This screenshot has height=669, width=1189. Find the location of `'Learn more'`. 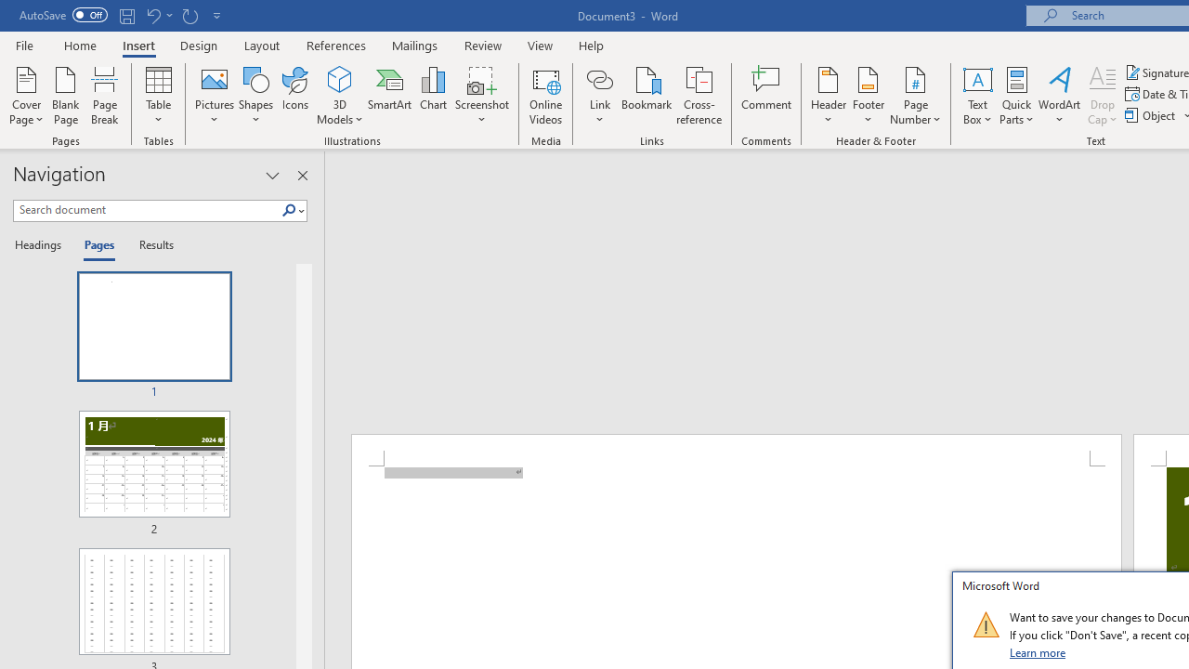

'Learn more' is located at coordinates (1038, 651).